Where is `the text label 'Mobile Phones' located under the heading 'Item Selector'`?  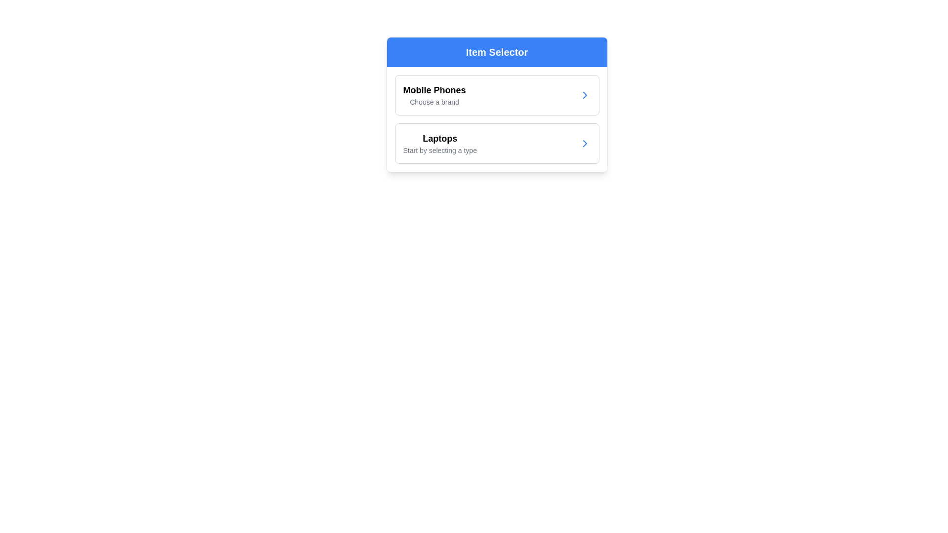 the text label 'Mobile Phones' located under the heading 'Item Selector' is located at coordinates (434, 90).